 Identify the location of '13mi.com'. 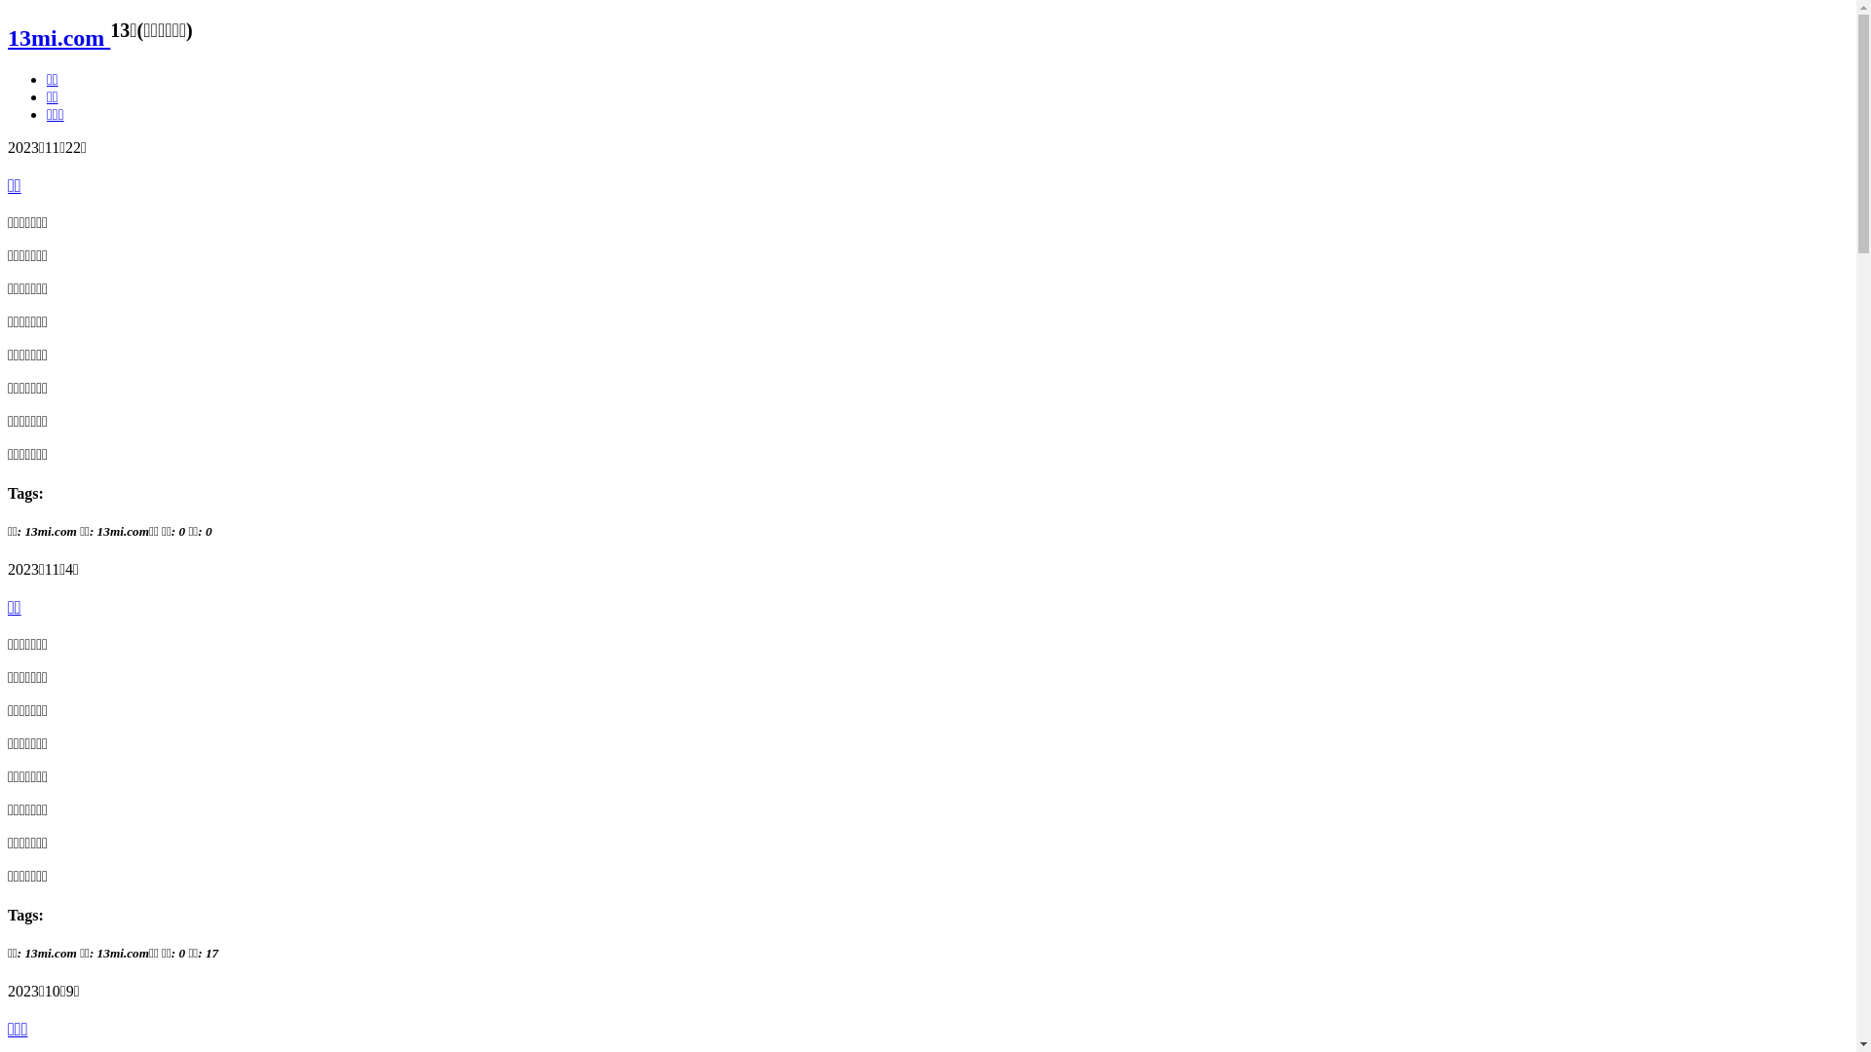
(58, 37).